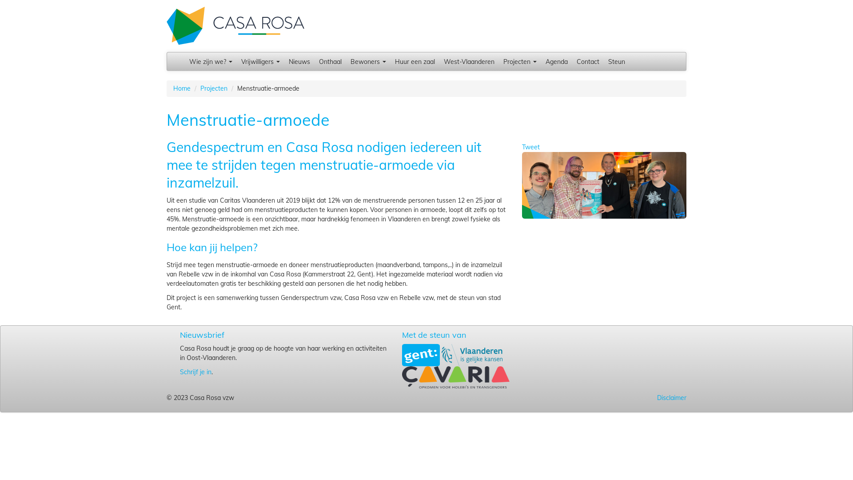 The width and height of the screenshot is (853, 480). I want to click on 'Bewoners', so click(368, 61).